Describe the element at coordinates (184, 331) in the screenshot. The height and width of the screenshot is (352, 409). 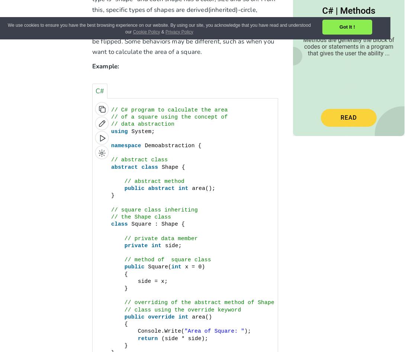
I see `'"Area of Square: "'` at that location.